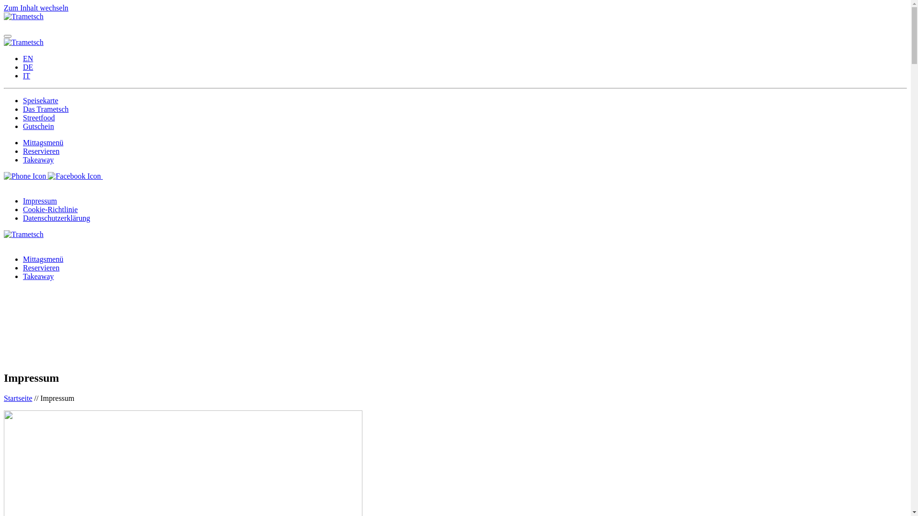 The width and height of the screenshot is (918, 516). What do you see at coordinates (38, 276) in the screenshot?
I see `'Takeaway'` at bounding box center [38, 276].